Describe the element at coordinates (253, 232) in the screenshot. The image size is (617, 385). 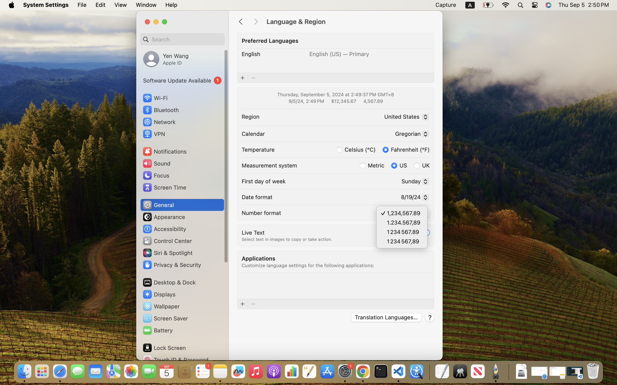
I see `'Live Text'` at that location.